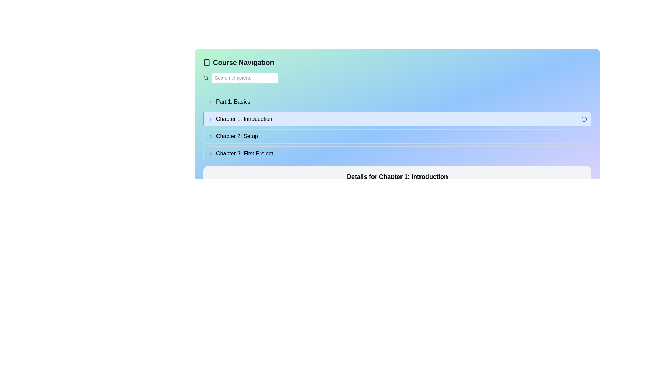 The height and width of the screenshot is (373, 664). What do you see at coordinates (233, 136) in the screenshot?
I see `the 'Chapter 2: Setup' text label with a right-facing chevron icon` at bounding box center [233, 136].